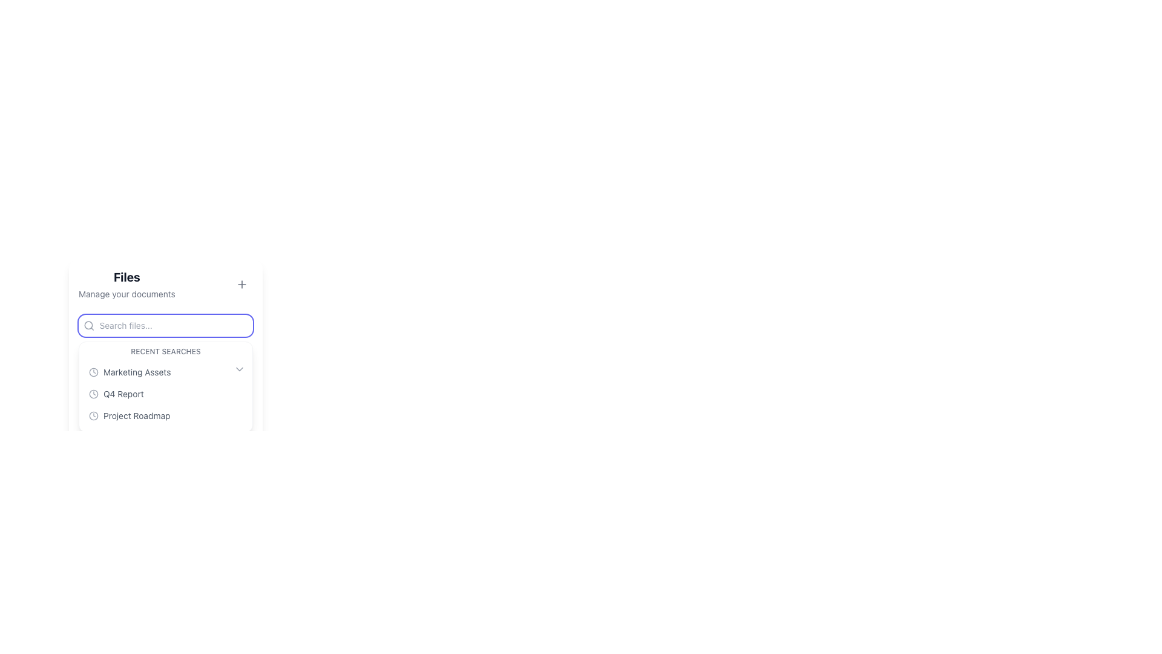 This screenshot has width=1162, height=654. I want to click on the List Item labeled 'Q4 Report' in the dropdown menu under the 'RECENT SEARCHES' section, so click(165, 394).